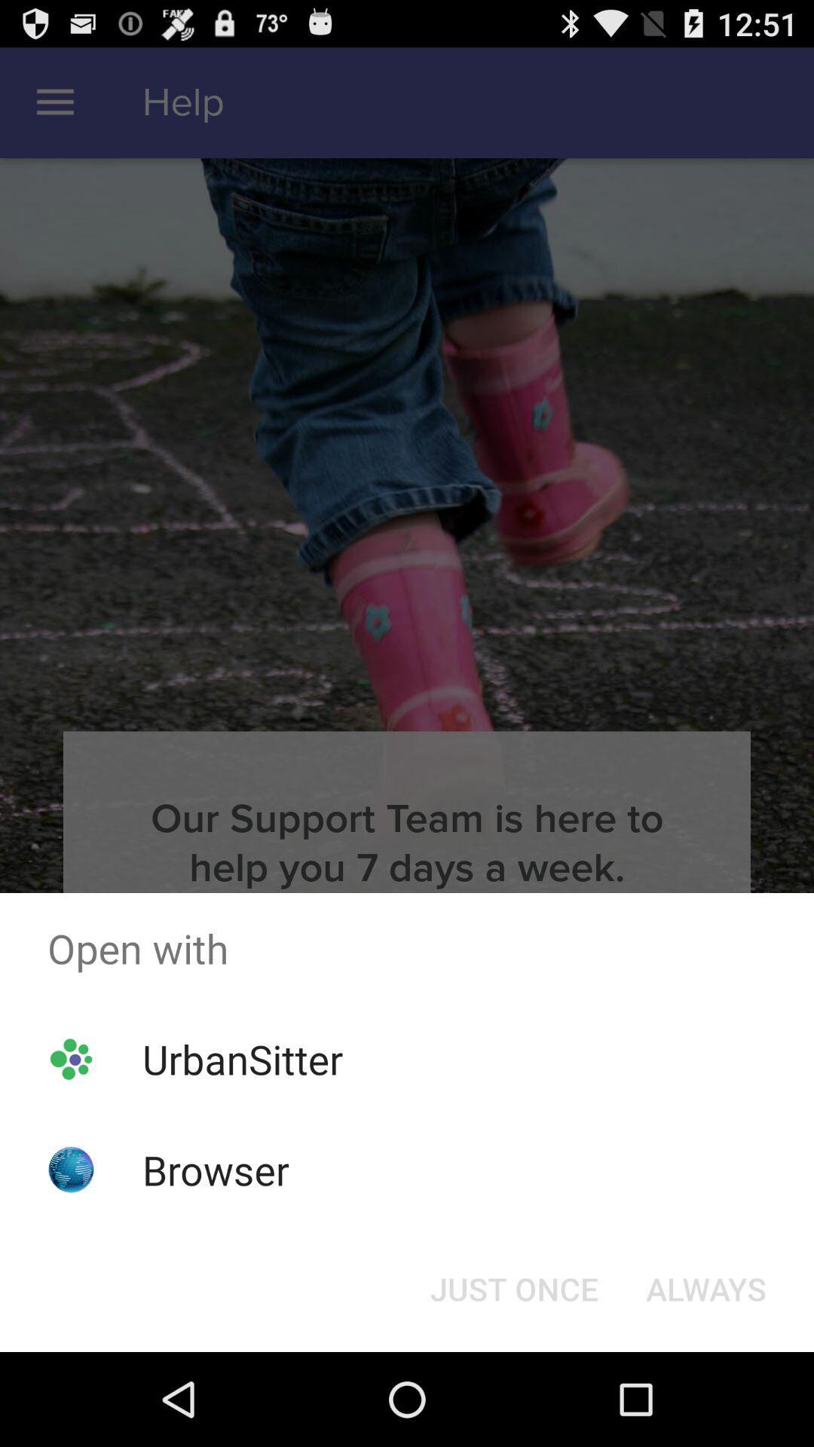  What do you see at coordinates (706, 1287) in the screenshot?
I see `the item next to just once item` at bounding box center [706, 1287].